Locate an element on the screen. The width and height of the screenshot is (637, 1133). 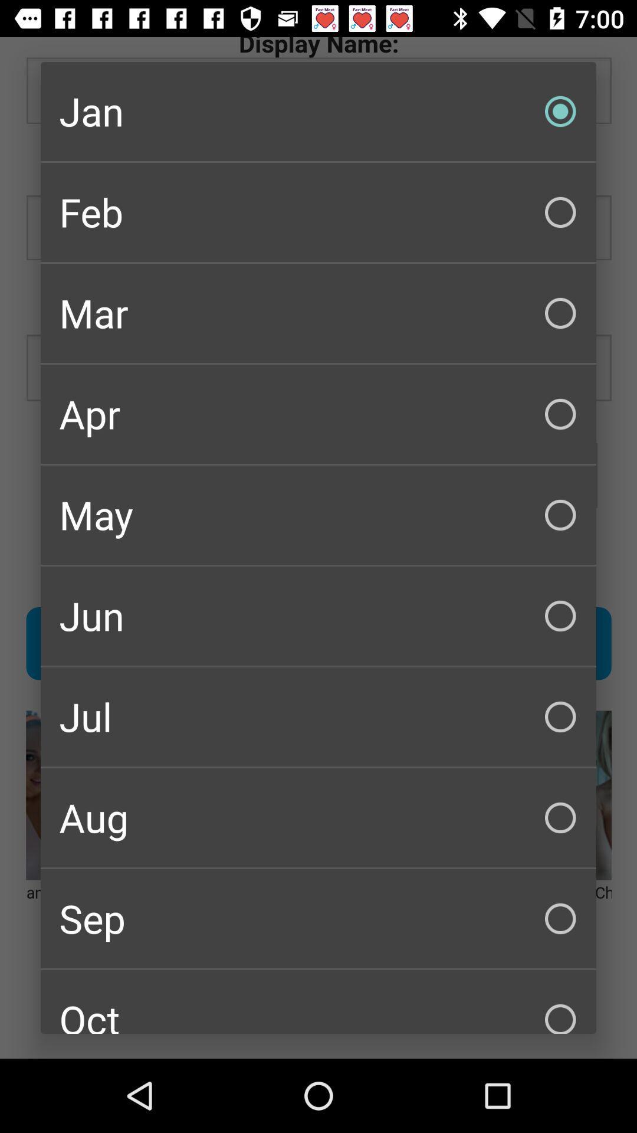
the item above the may item is located at coordinates (318, 414).